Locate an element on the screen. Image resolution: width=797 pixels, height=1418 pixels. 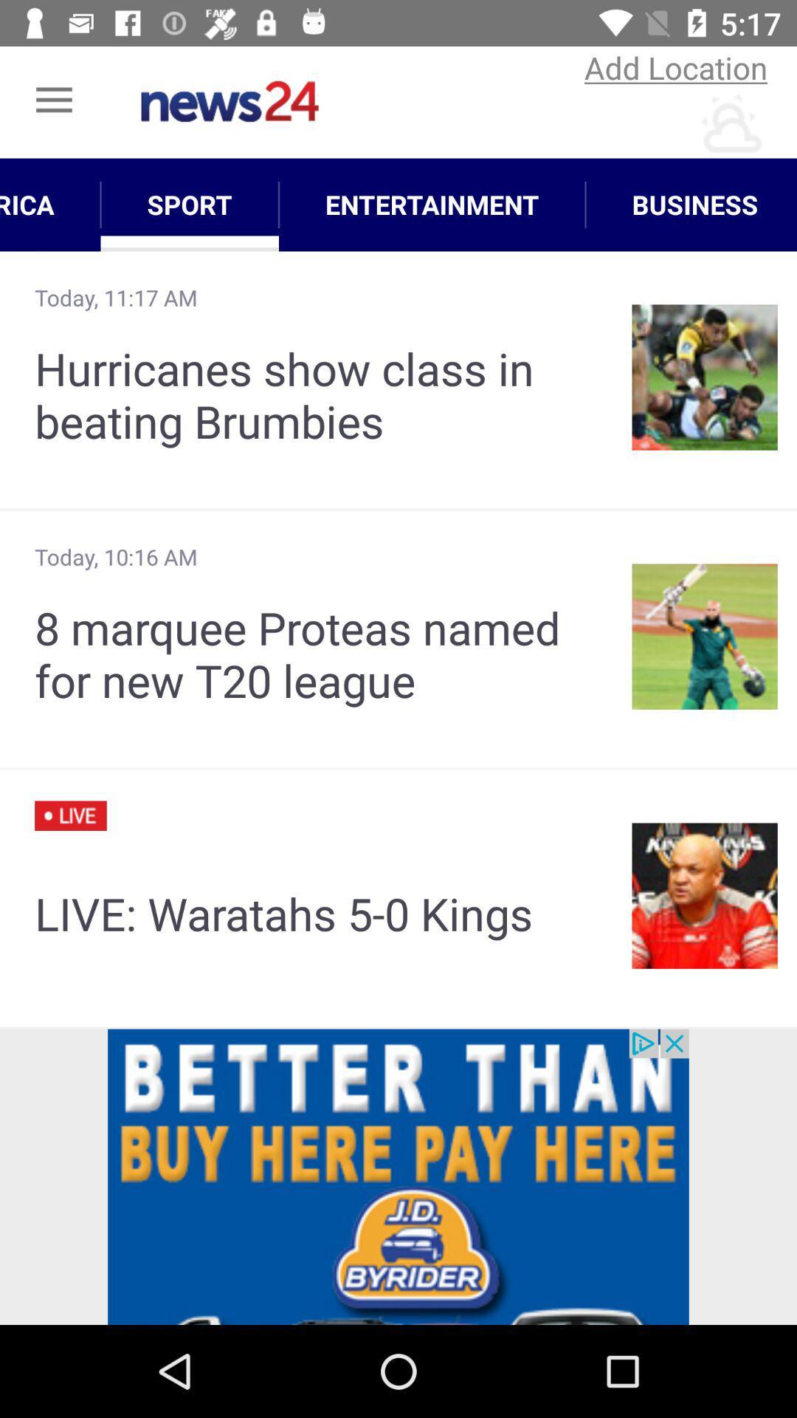
the option is located at coordinates (398, 1176).